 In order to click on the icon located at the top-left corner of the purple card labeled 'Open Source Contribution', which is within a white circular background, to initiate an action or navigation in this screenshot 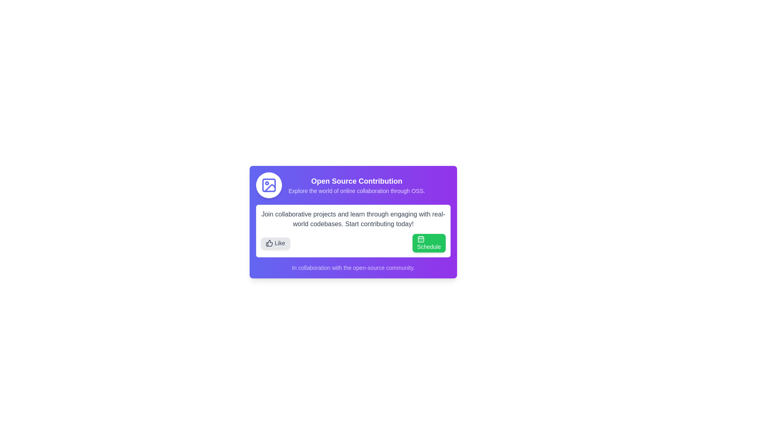, I will do `click(269, 185)`.